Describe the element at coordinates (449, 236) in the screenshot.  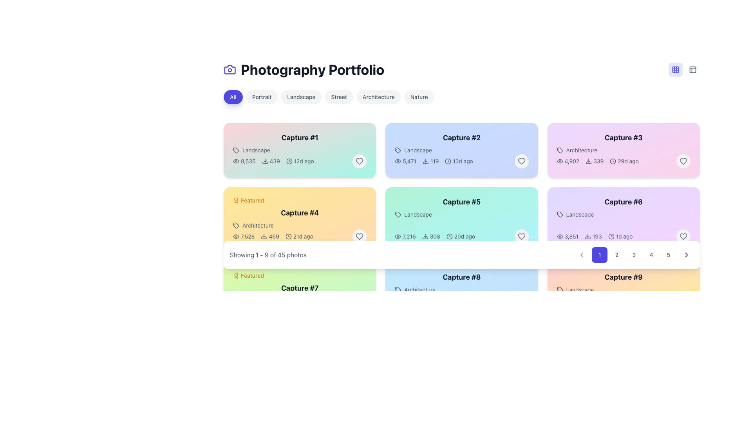
I see `the visual indicator icon next to the text '20d ago' in the bottom right section of the card labeled 'Capture #5'` at that location.